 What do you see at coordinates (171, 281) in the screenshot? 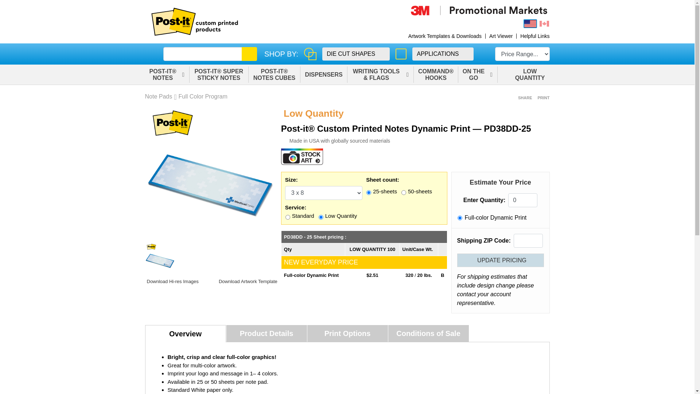
I see `'Download Hi-res Images'` at bounding box center [171, 281].